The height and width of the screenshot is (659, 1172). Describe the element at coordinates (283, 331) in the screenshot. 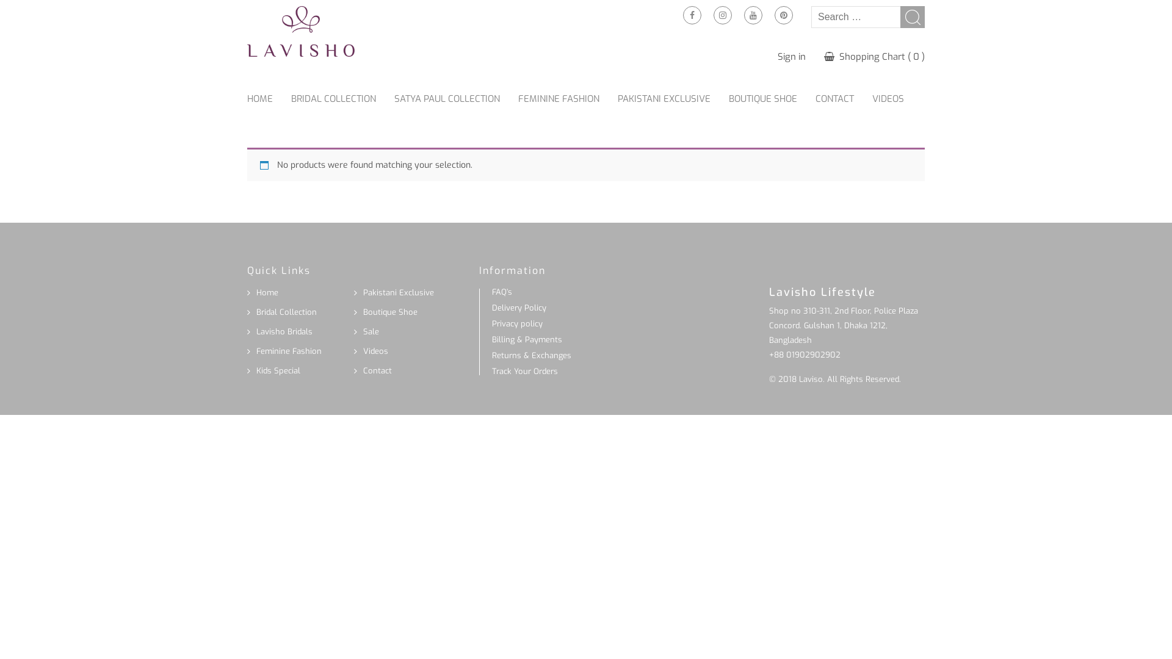

I see `'Lavisho Bridals'` at that location.